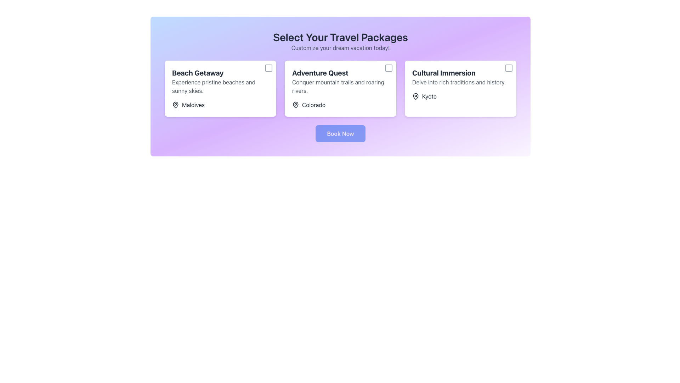 This screenshot has width=680, height=383. I want to click on text label displaying 'Maldives' accompanied by a location pin icon, located at the bottom-left section of the 'Beach Getaway' card, so click(188, 105).